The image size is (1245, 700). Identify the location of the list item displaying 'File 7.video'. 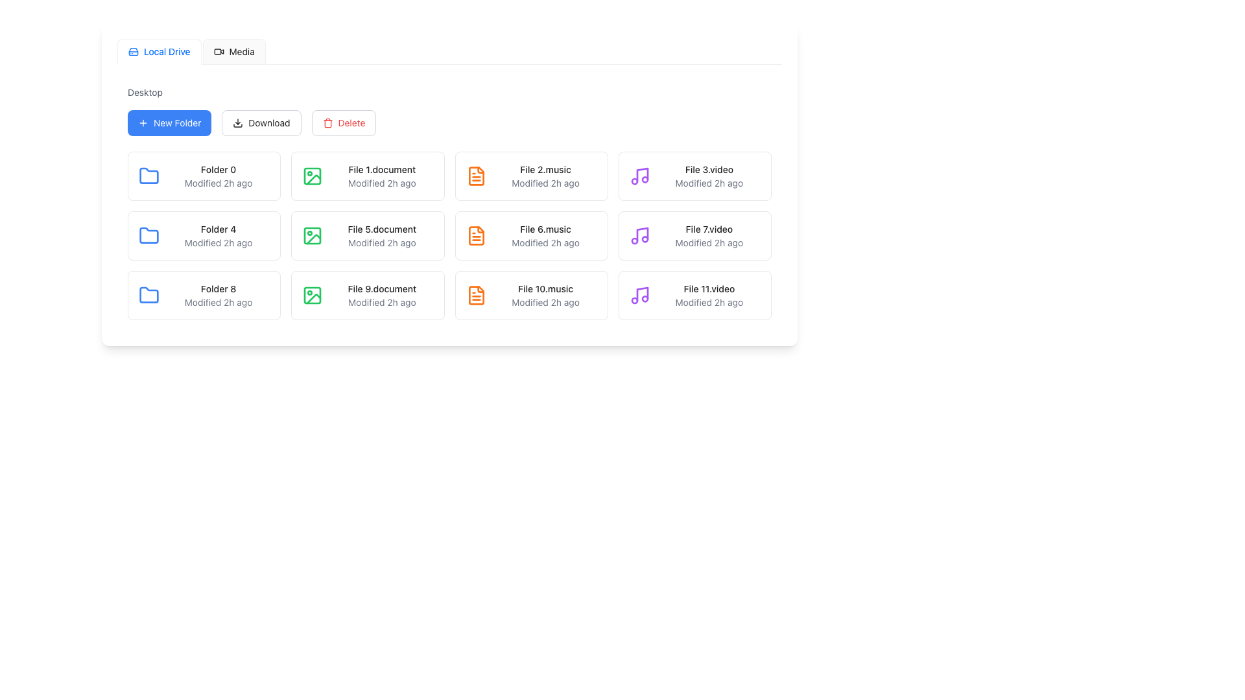
(708, 235).